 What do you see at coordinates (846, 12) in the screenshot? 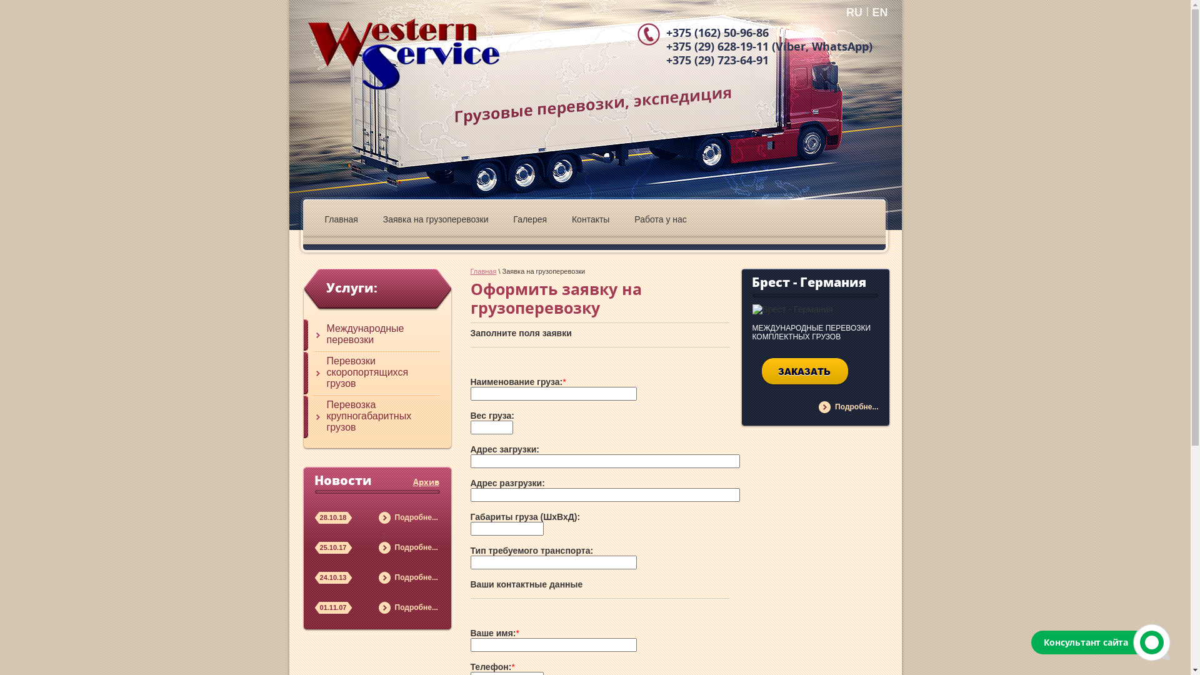
I see `'RU'` at bounding box center [846, 12].